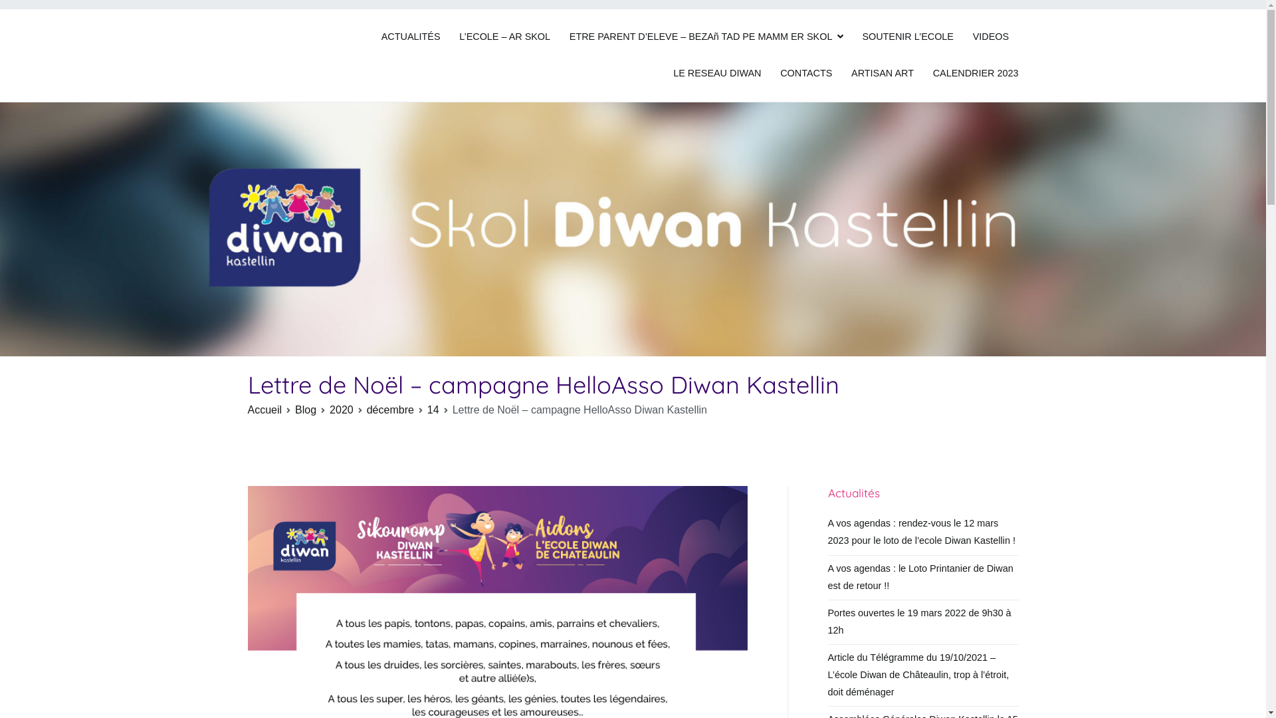 The height and width of the screenshot is (718, 1276). I want to click on 'A vos agendas : le Loto Printanier de Diwan est de retour !!', so click(922, 576).